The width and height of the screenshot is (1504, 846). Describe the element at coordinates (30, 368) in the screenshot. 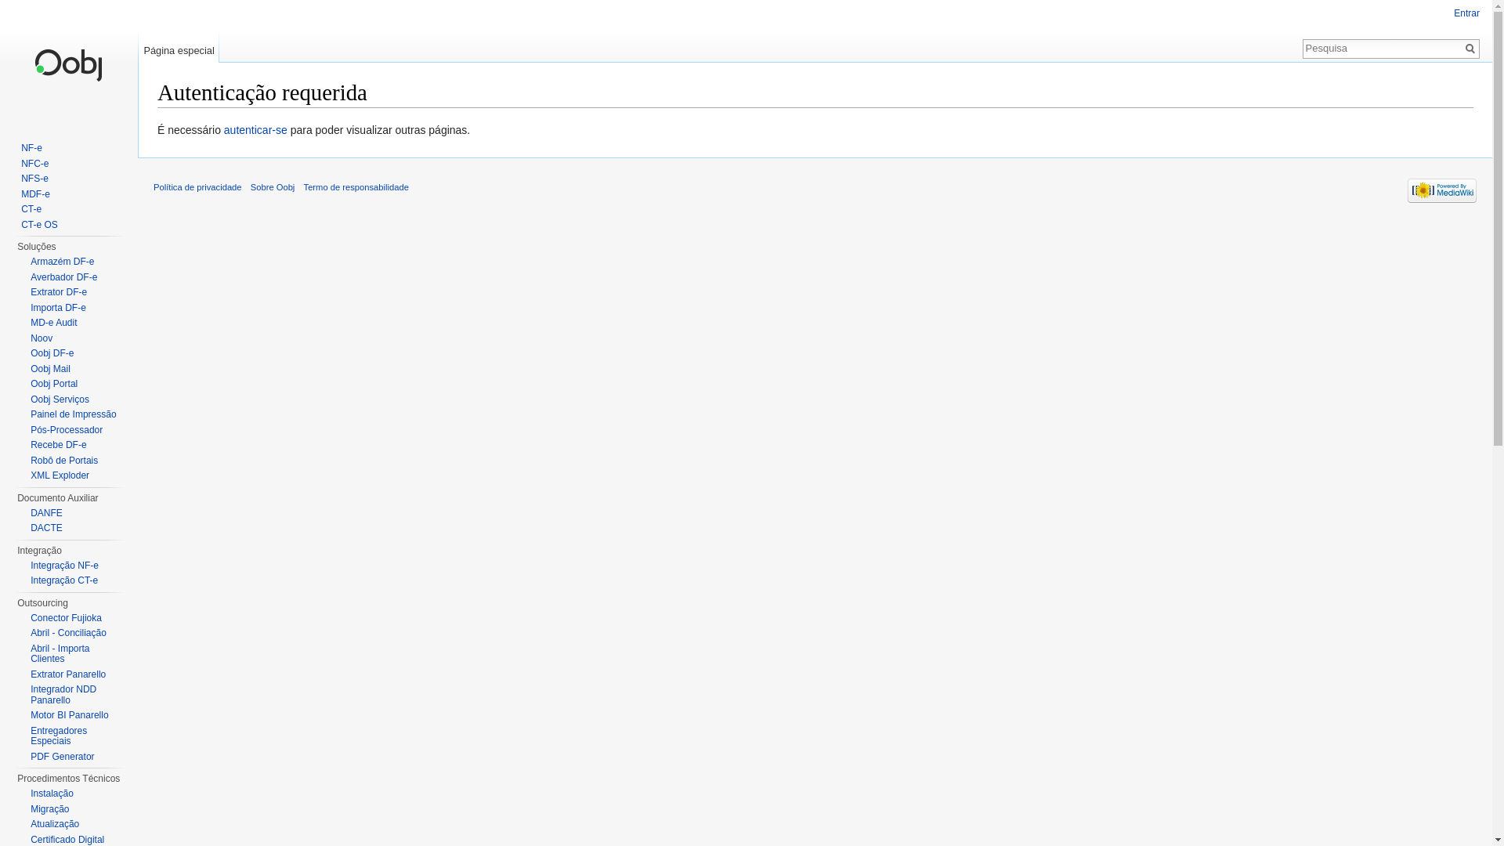

I see `'Oobj Mail'` at that location.